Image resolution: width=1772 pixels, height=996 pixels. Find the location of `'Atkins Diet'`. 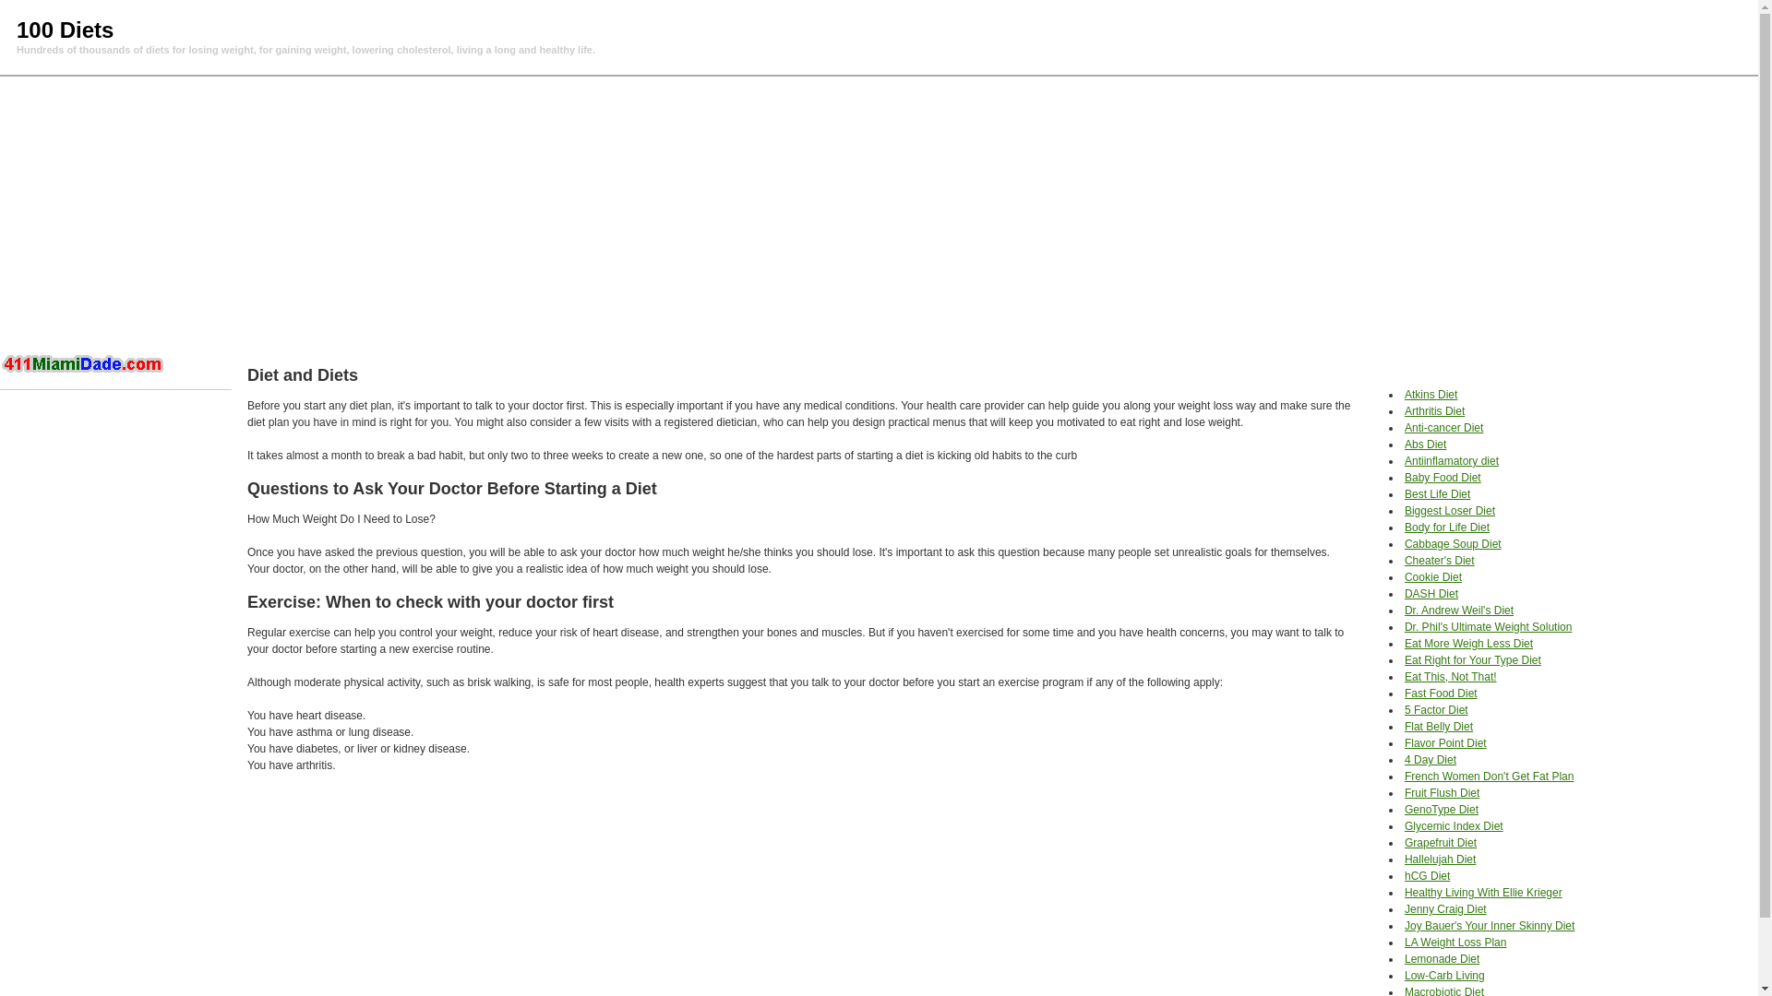

'Atkins Diet' is located at coordinates (1430, 394).